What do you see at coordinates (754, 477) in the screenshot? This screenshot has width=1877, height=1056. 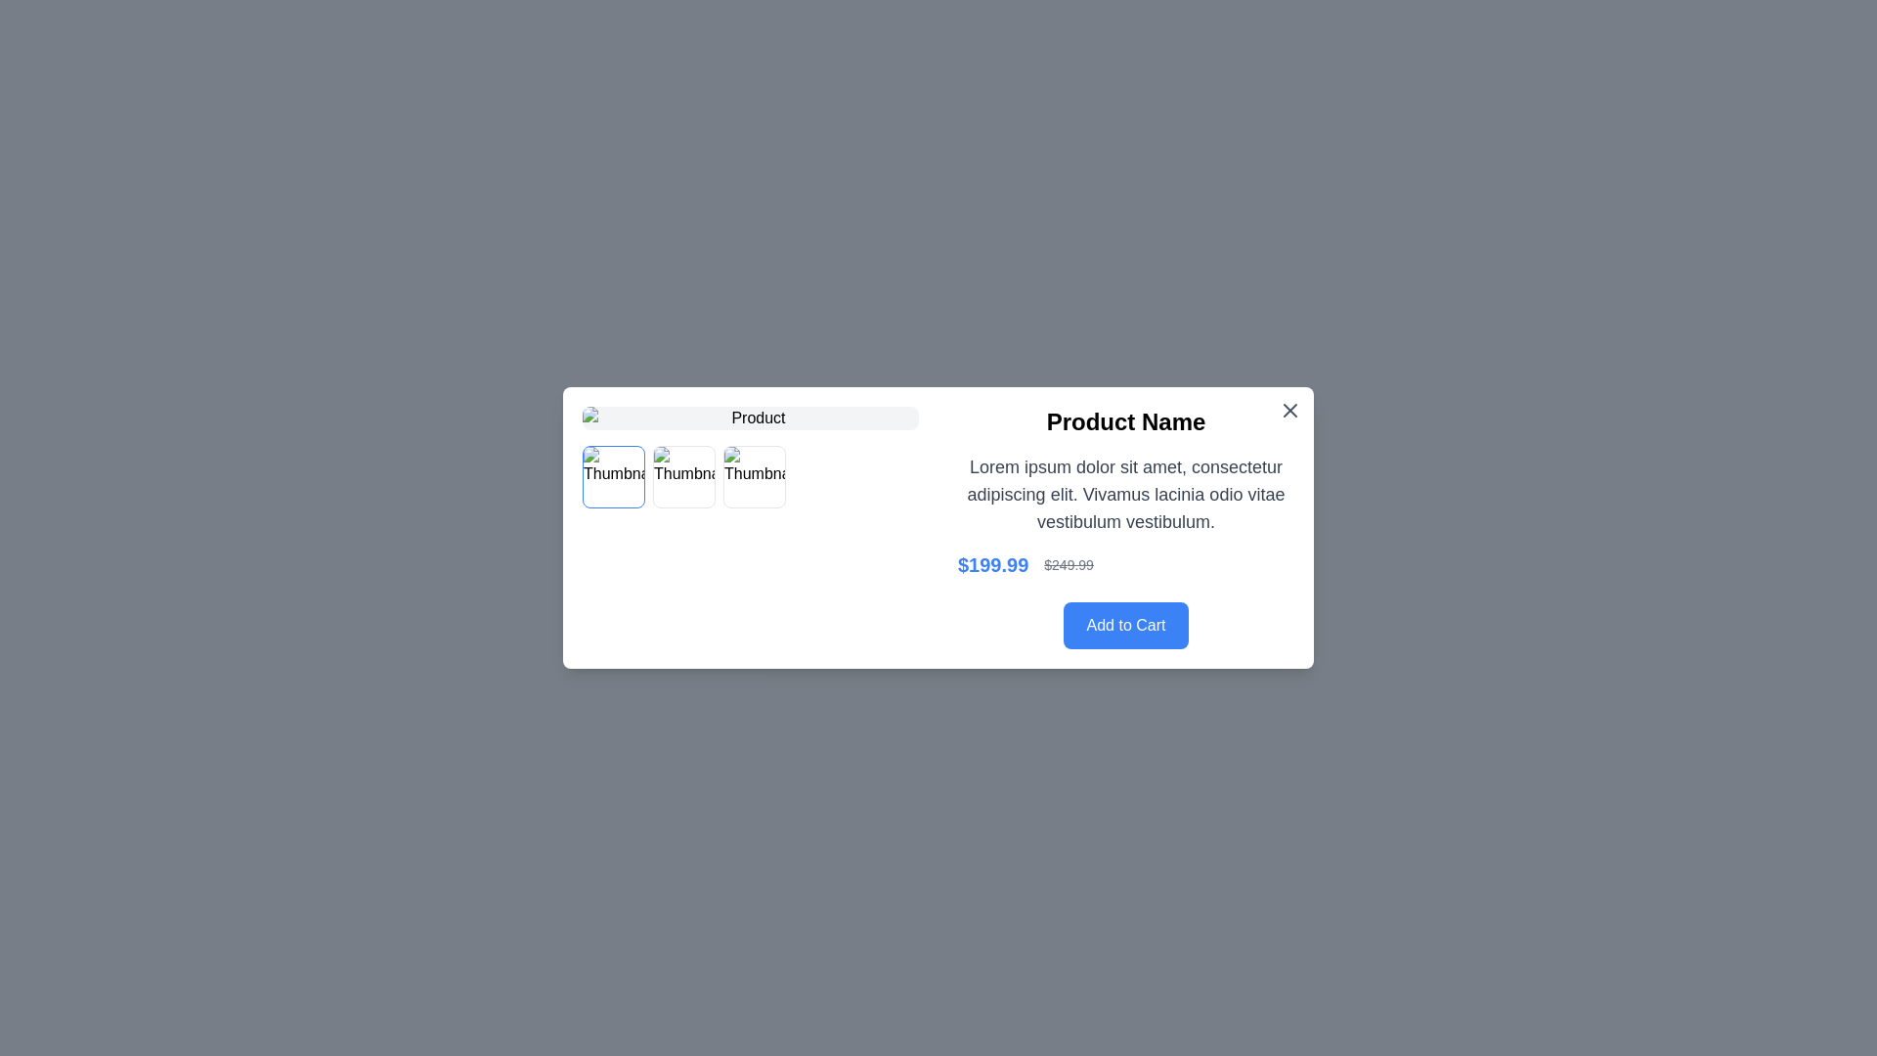 I see `the third image thumbnail located below the 'Product' section` at bounding box center [754, 477].